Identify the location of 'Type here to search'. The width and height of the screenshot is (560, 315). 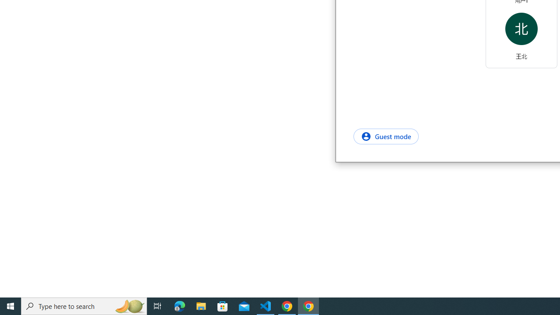
(84, 305).